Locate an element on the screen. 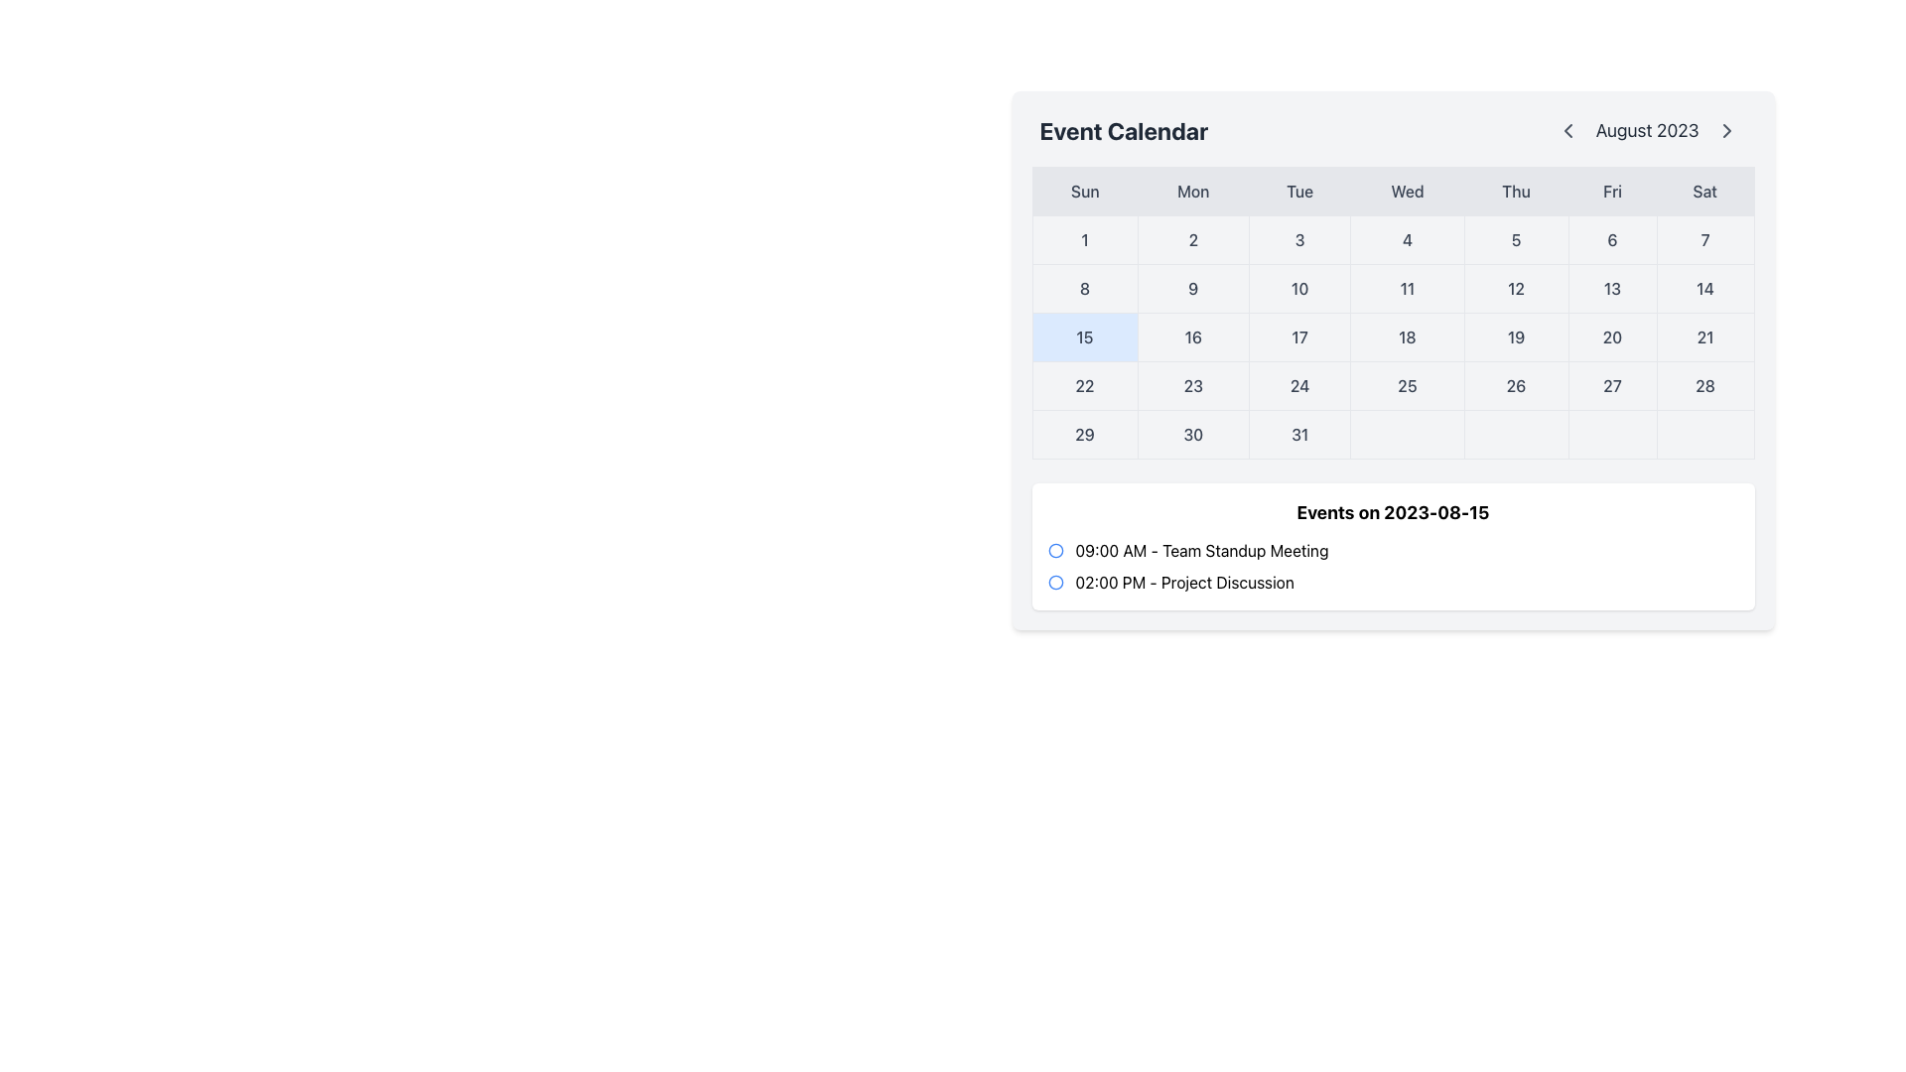 The image size is (1906, 1072). the calendar date cell displaying '15' with a light blue background is located at coordinates (1084, 335).